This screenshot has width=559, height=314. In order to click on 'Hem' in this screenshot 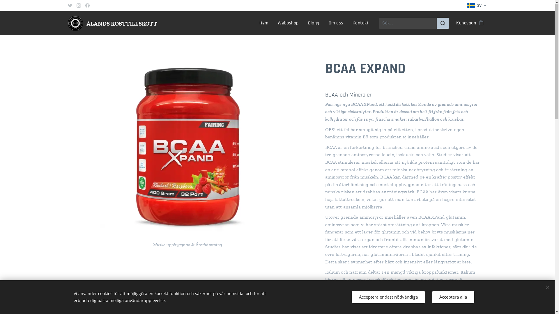, I will do `click(265, 23)`.